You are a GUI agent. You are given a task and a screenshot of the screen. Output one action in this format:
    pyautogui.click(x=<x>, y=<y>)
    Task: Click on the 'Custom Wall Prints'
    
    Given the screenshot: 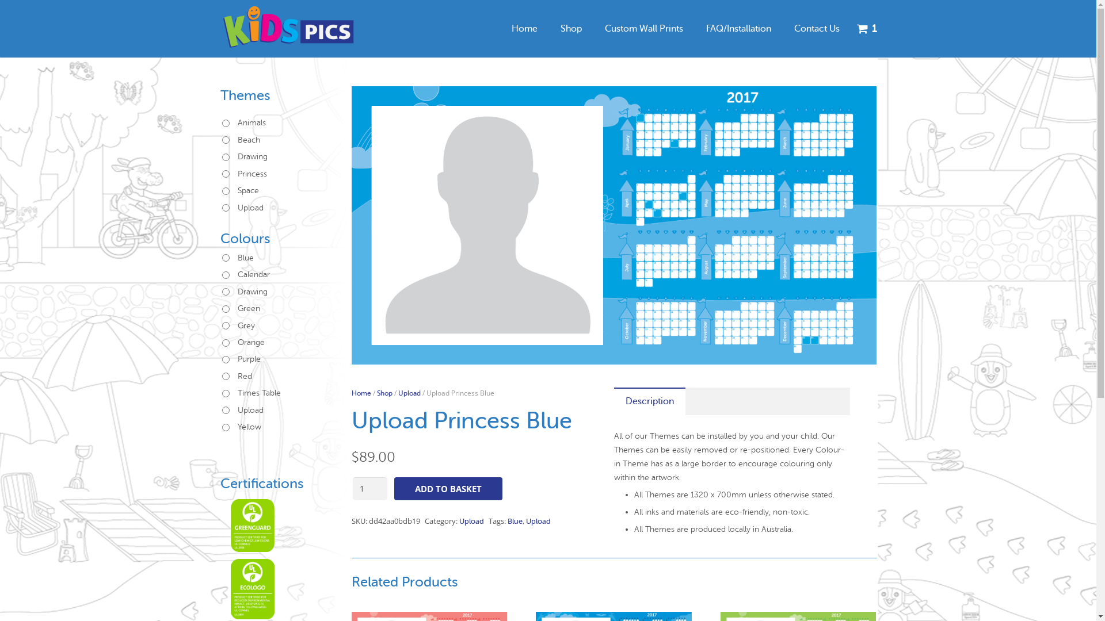 What is the action you would take?
    pyautogui.click(x=643, y=28)
    